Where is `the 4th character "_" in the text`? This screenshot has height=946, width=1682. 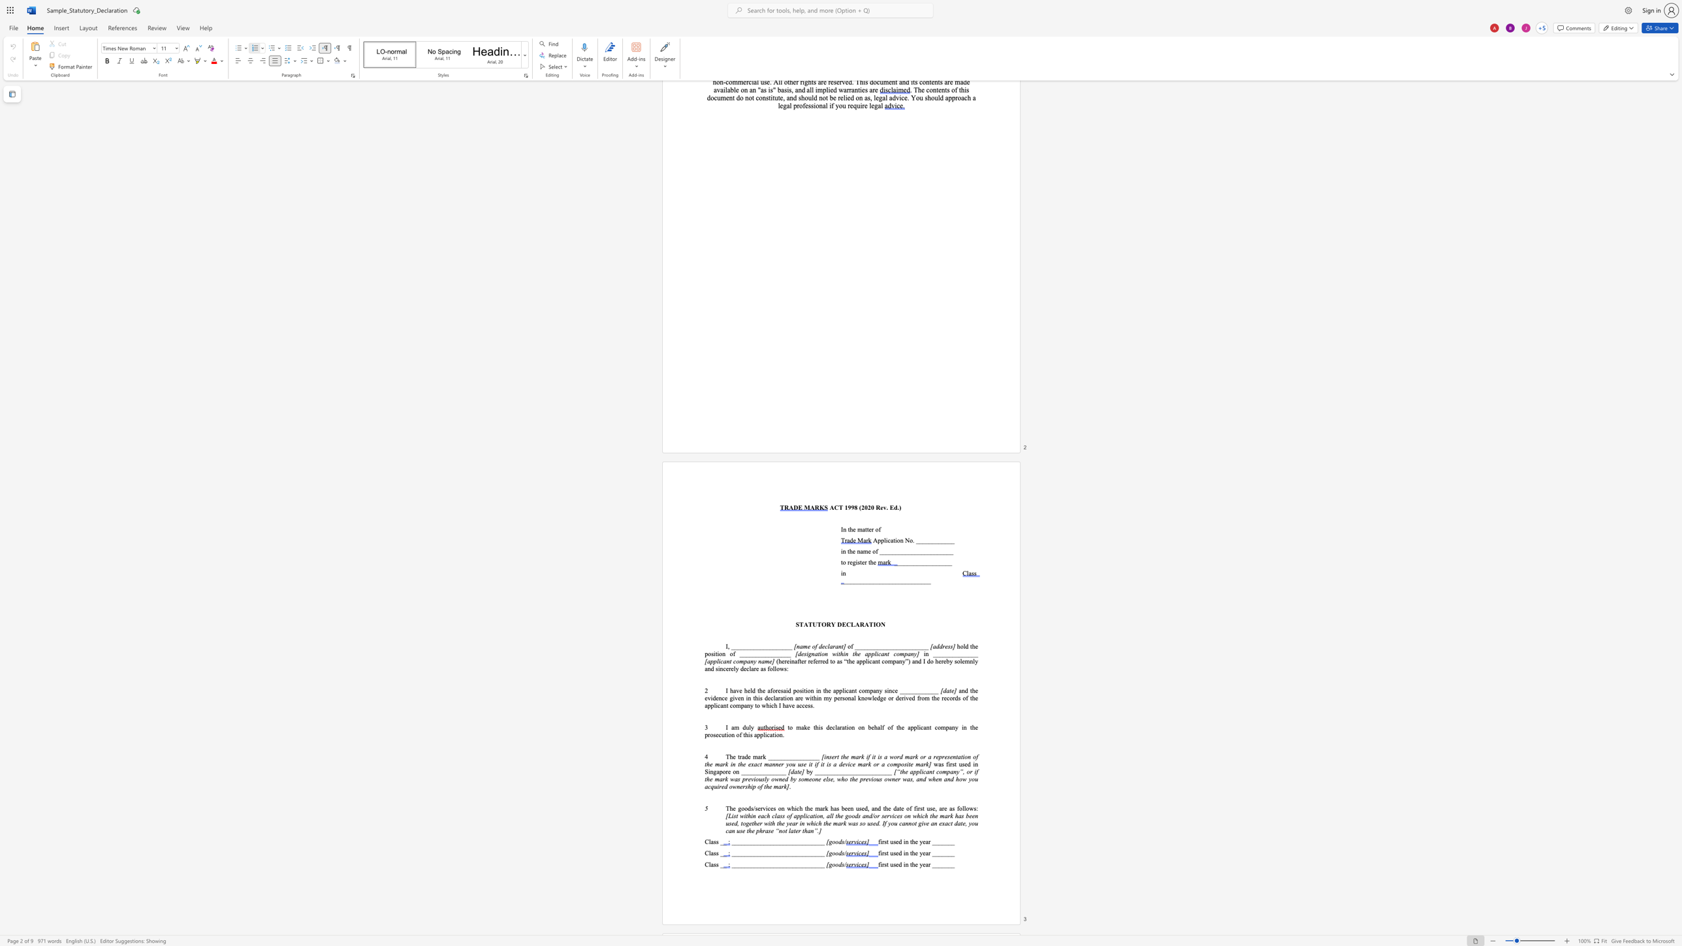
the 4th character "_" in the text is located at coordinates (943, 841).